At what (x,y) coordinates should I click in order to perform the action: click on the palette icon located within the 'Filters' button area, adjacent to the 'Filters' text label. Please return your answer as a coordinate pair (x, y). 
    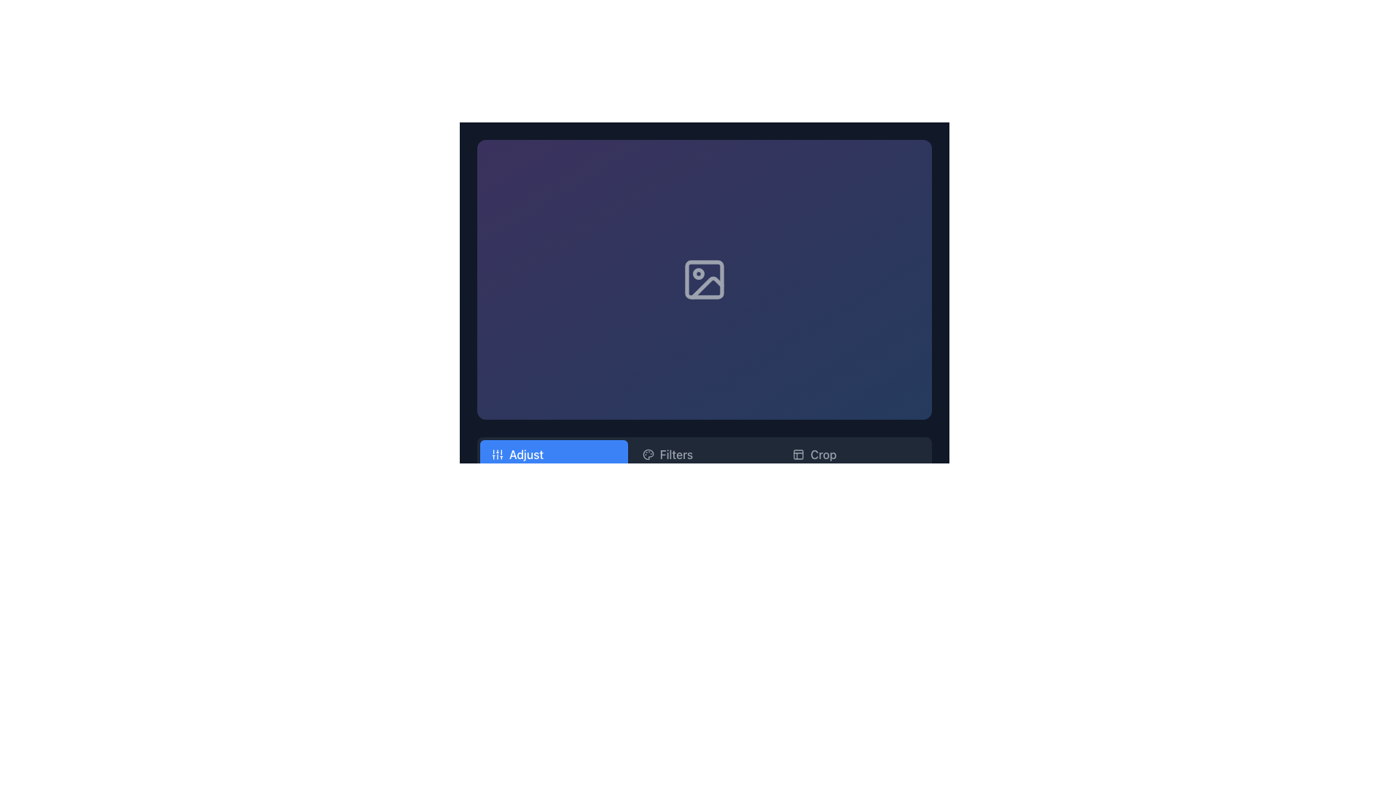
    Looking at the image, I should click on (647, 454).